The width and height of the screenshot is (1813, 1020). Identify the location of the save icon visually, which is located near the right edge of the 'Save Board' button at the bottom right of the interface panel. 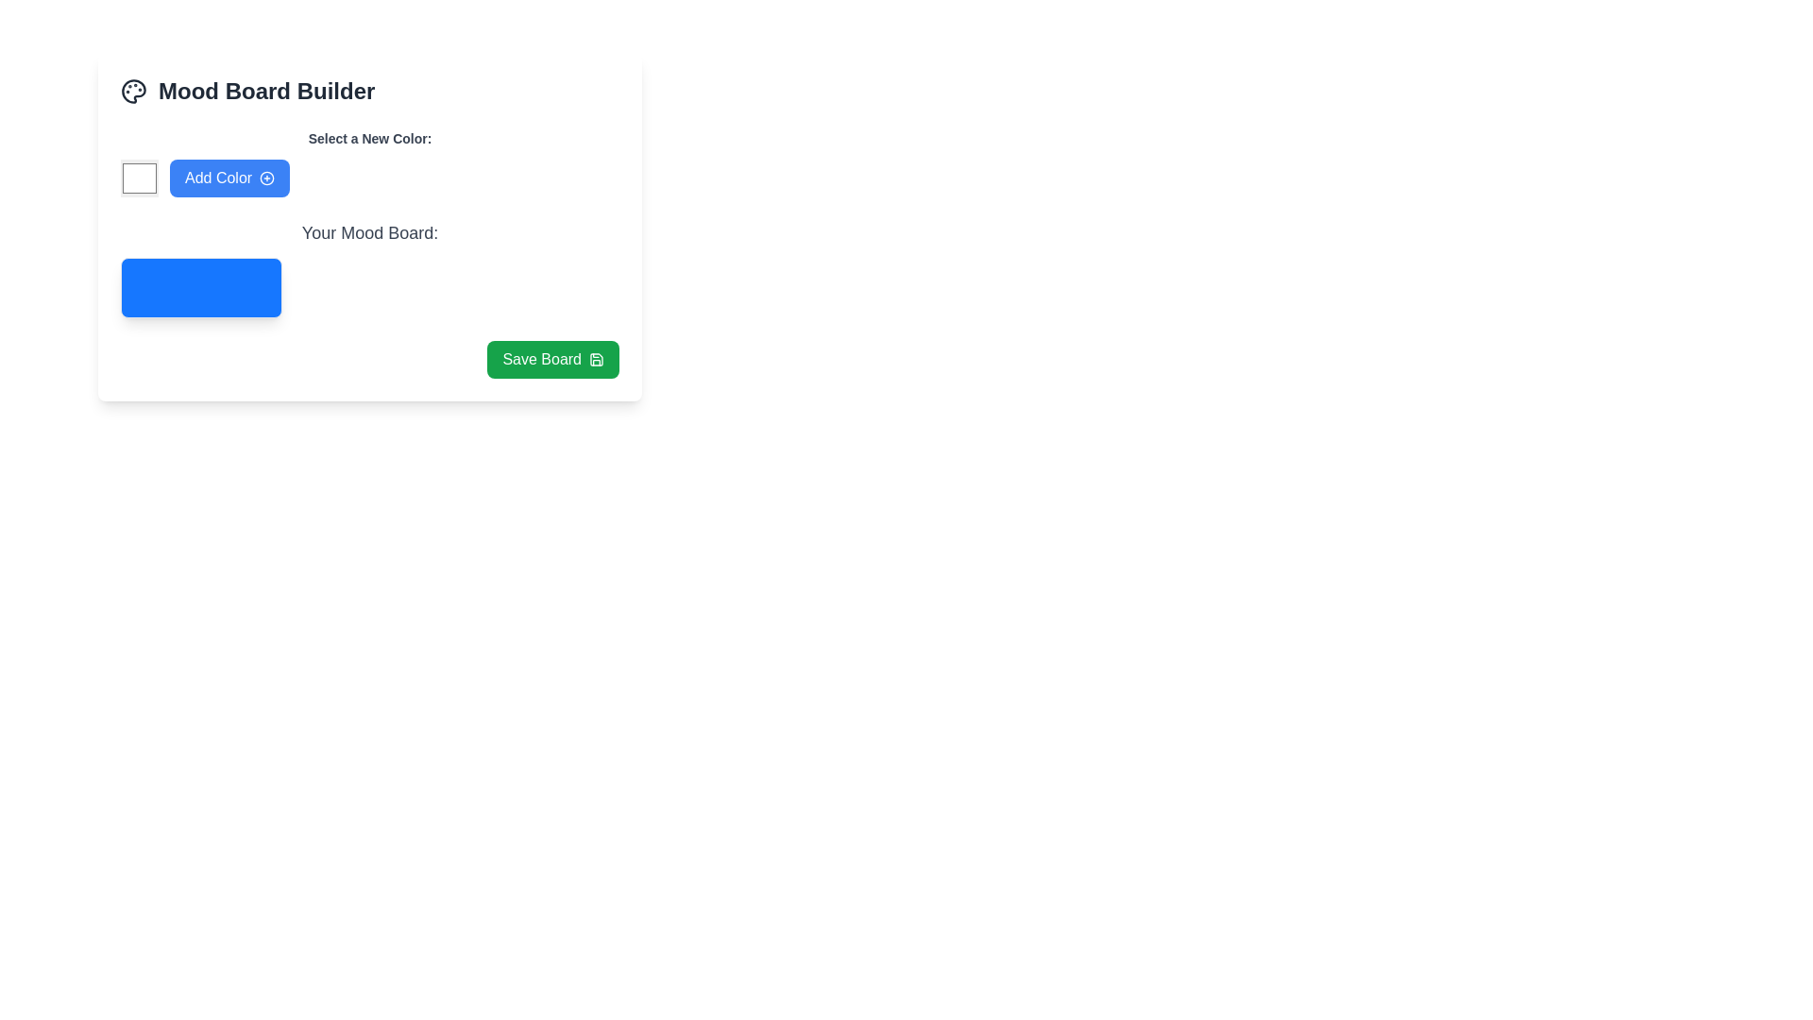
(596, 360).